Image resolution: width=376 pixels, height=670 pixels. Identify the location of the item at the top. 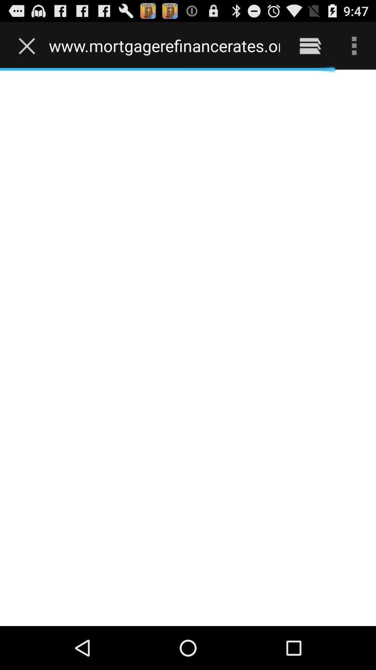
(164, 45).